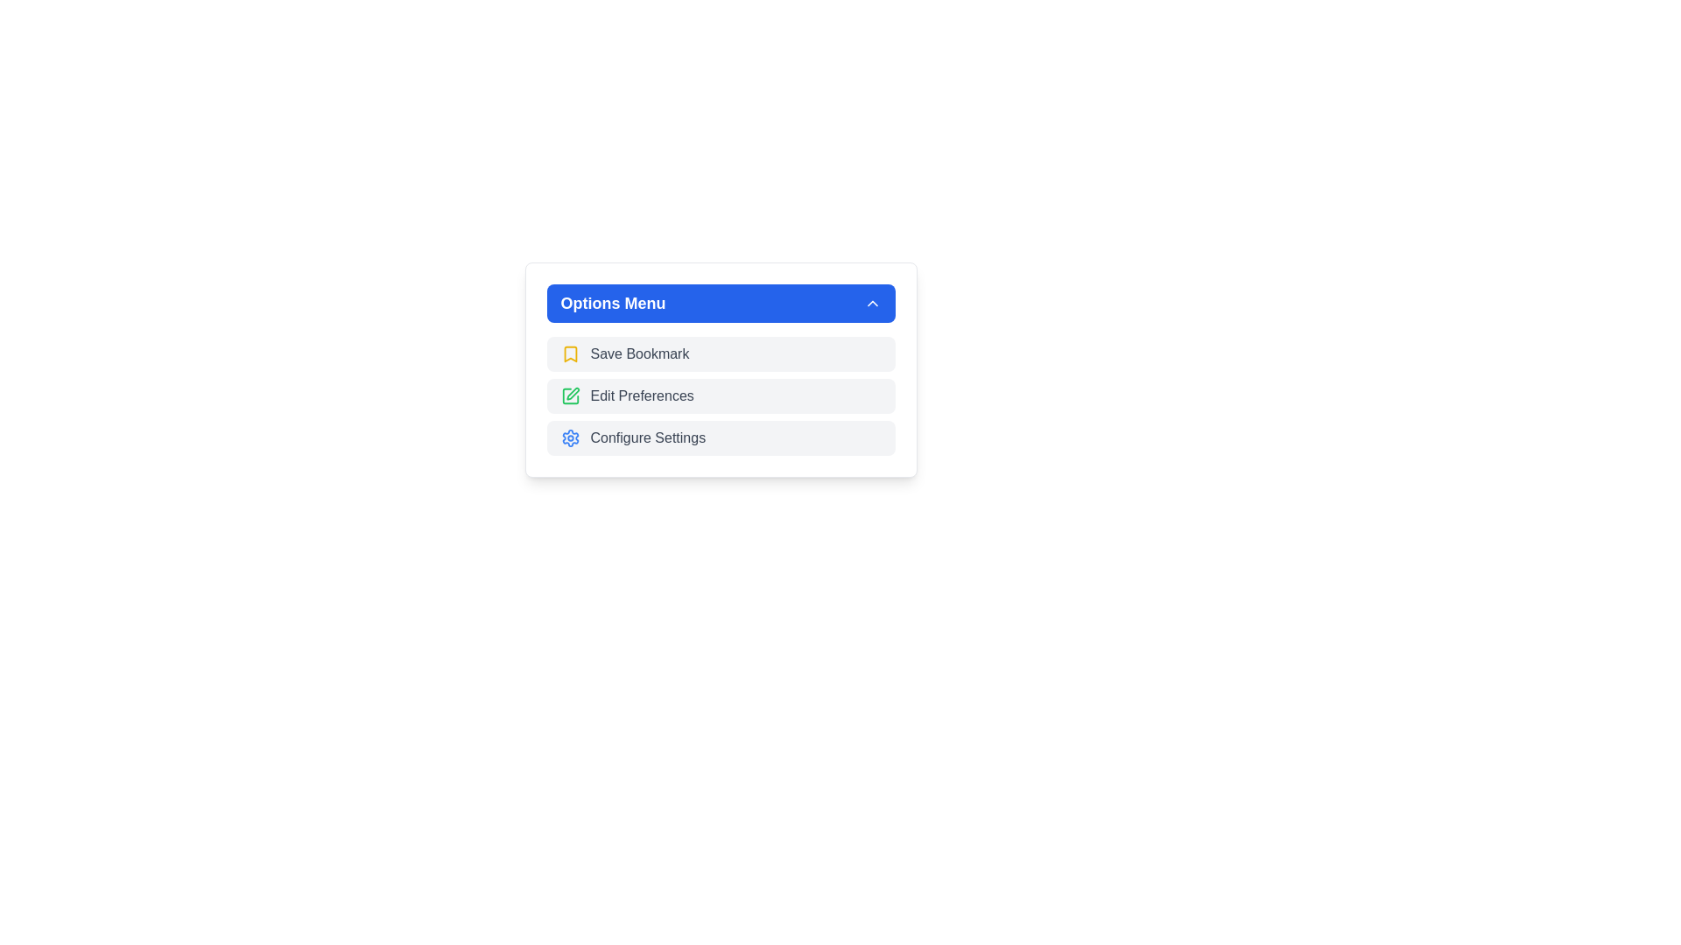  I want to click on the blue rectangular button labeled 'Options Menu', so click(721, 303).